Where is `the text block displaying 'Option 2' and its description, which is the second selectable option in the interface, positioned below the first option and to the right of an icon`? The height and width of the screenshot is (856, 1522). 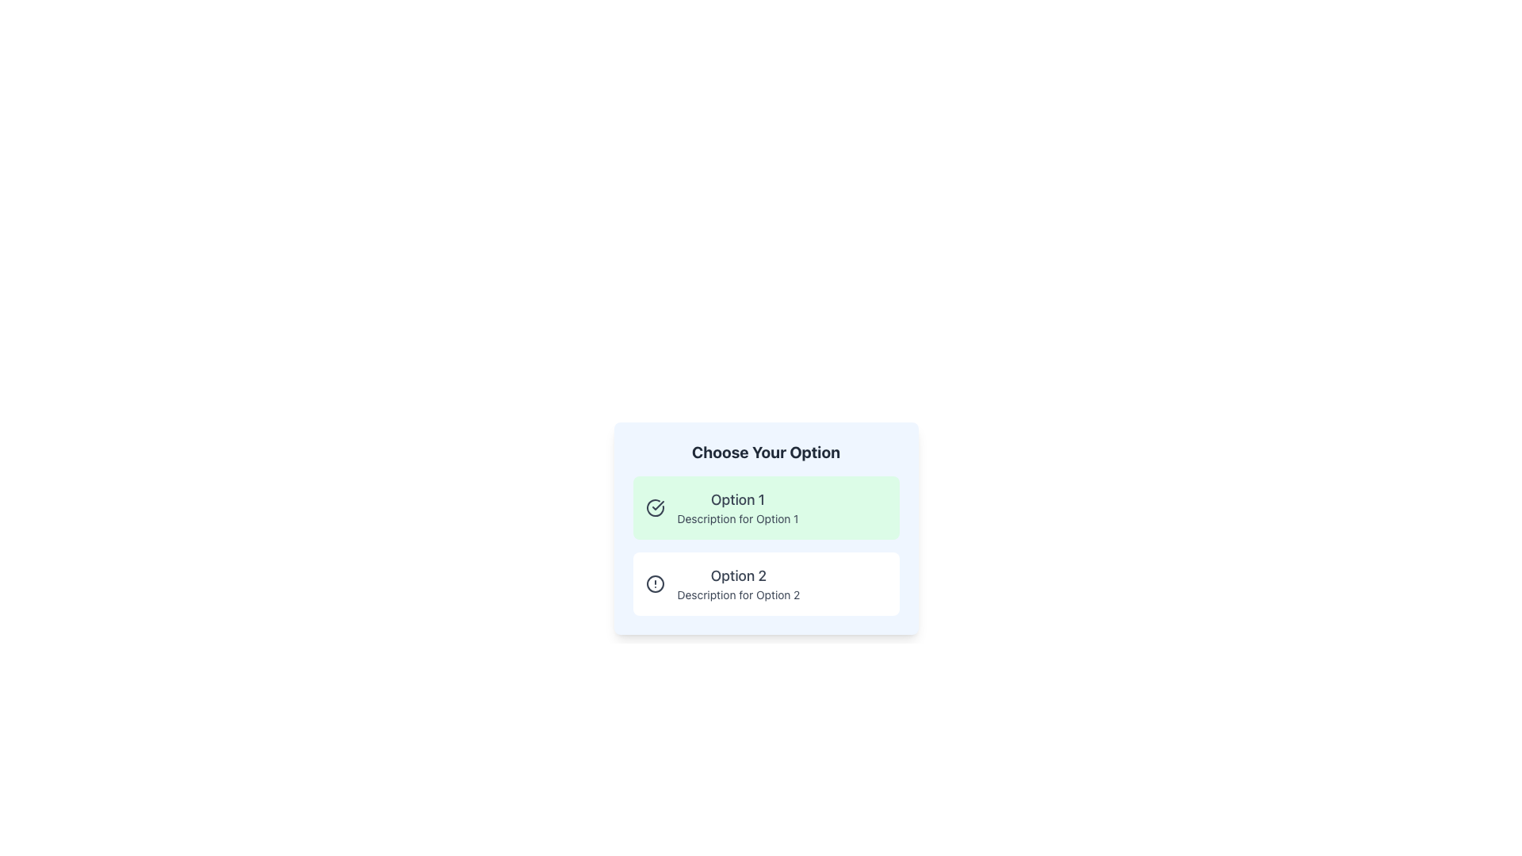 the text block displaying 'Option 2' and its description, which is the second selectable option in the interface, positioned below the first option and to the right of an icon is located at coordinates (737, 583).